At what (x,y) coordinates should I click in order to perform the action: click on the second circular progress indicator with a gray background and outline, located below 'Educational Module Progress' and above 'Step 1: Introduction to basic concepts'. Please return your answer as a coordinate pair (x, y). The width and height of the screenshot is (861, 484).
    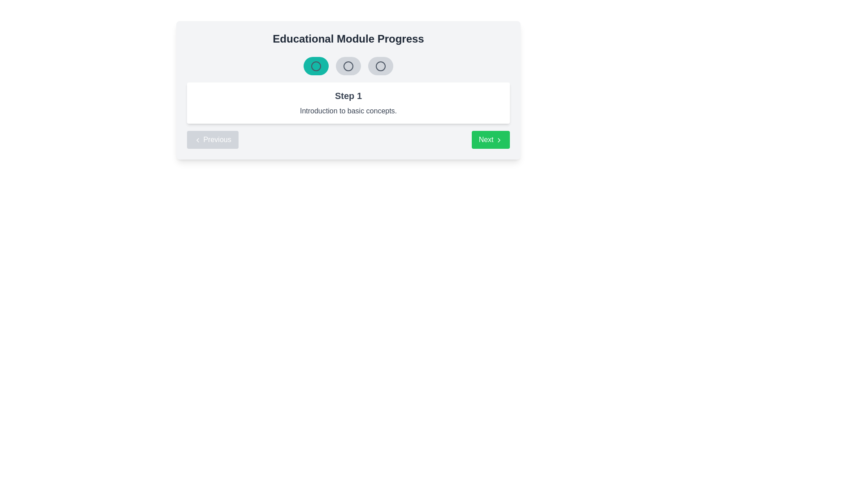
    Looking at the image, I should click on (348, 65).